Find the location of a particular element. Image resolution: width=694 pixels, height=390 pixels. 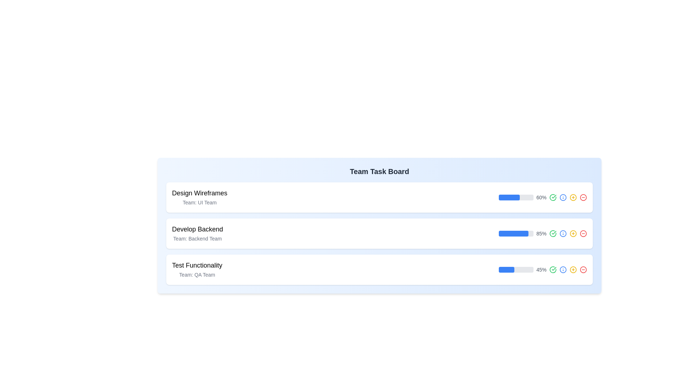

contextual information by clicking on the circular graphical component of the information icon located to the right side of the 'Develop Backend' task in the task board layout is located at coordinates (563, 234).